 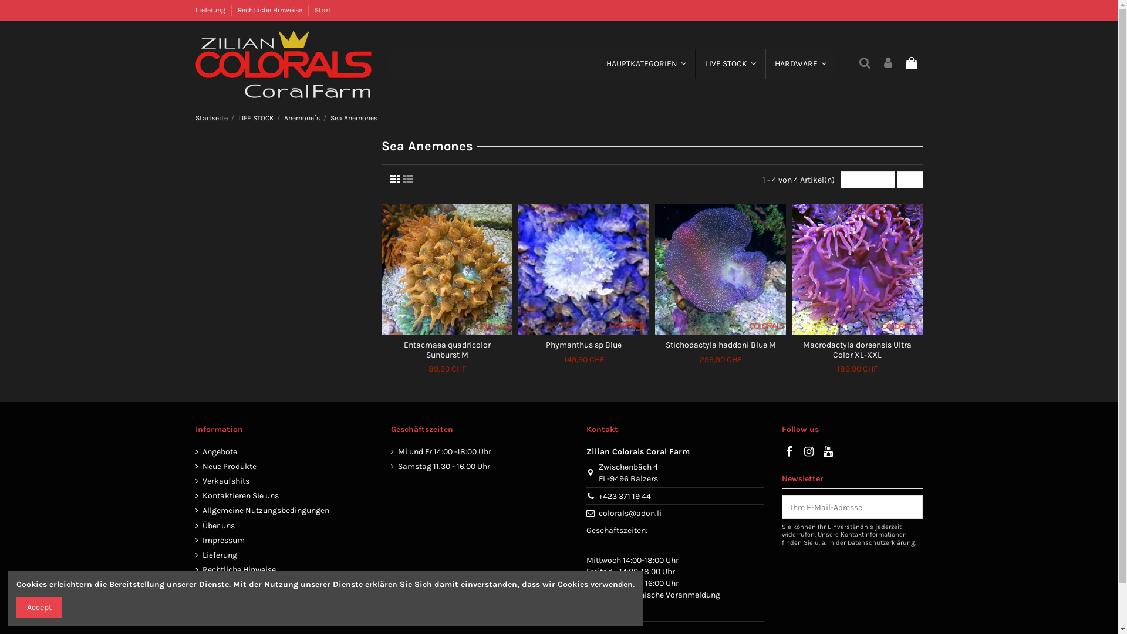 I want to click on 'Lieferung', so click(x=211, y=9).